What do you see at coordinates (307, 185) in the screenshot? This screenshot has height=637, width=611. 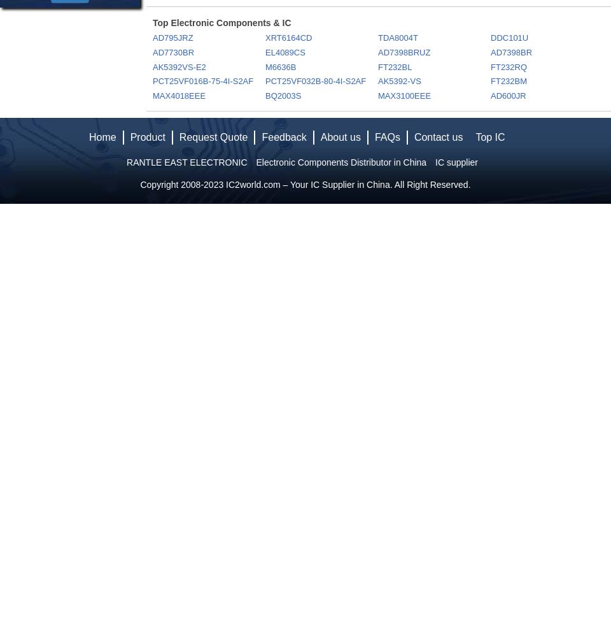 I see `'IC2world.com – Your IC Supplier in
            China'` at bounding box center [307, 185].